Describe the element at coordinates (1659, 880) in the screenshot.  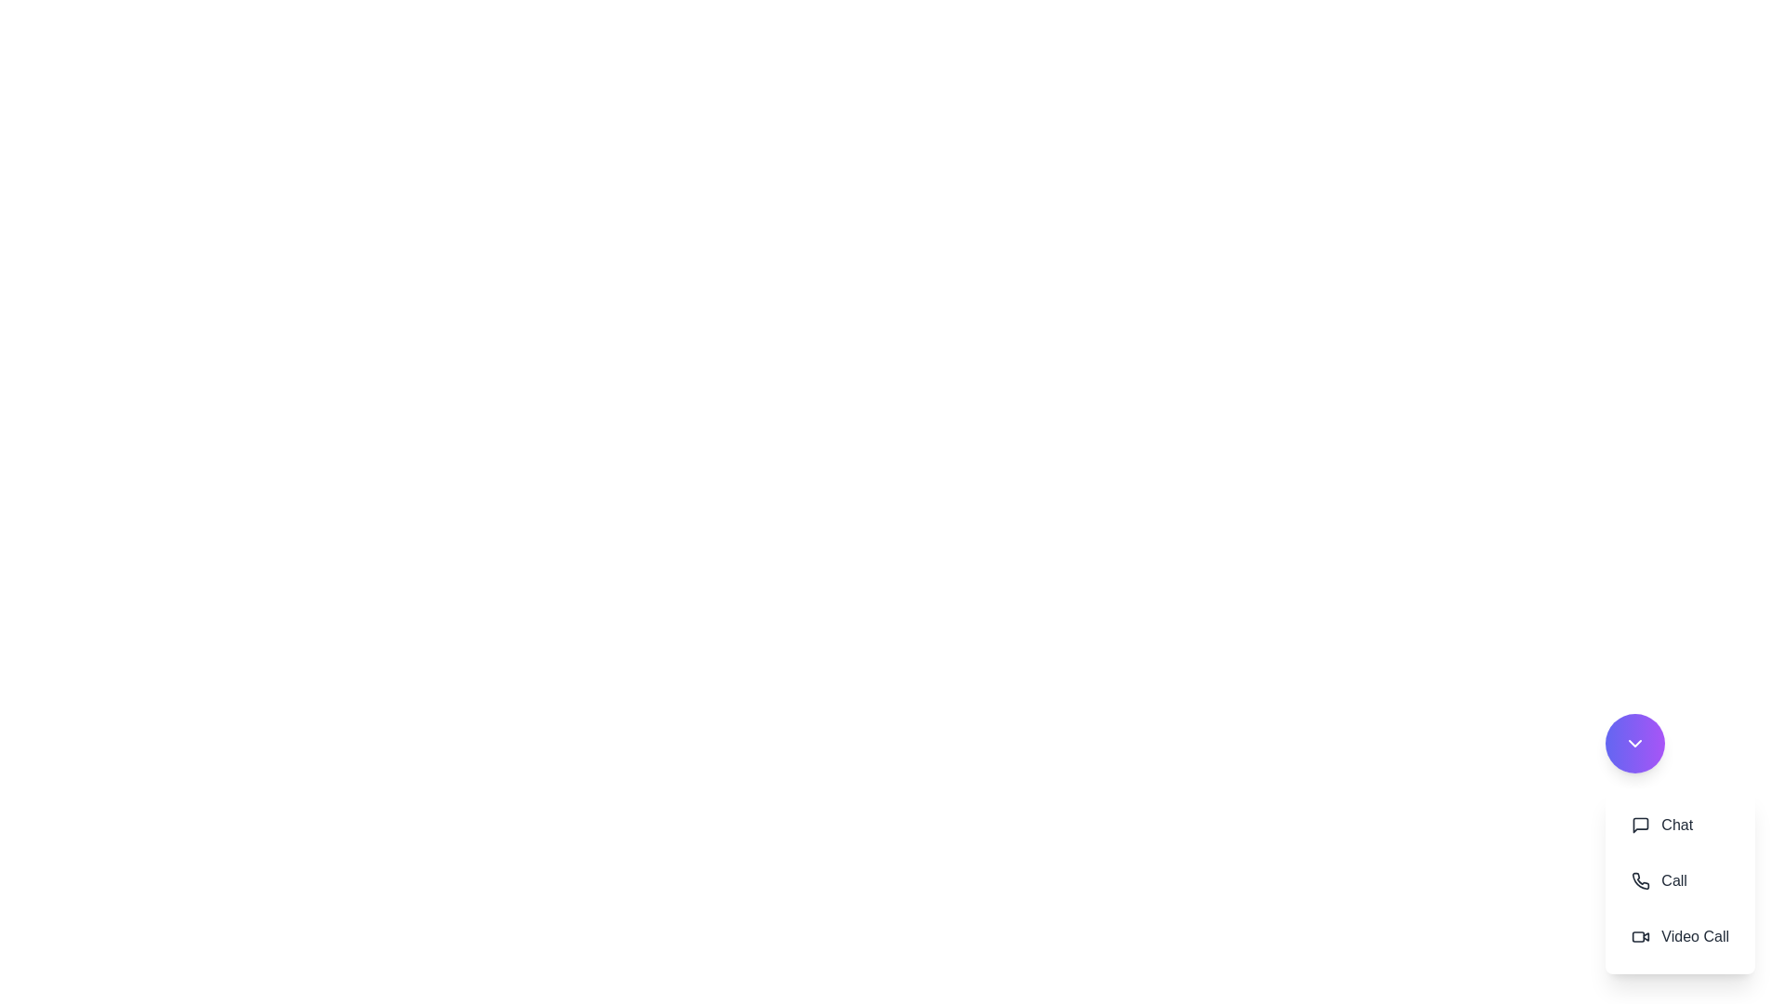
I see `the 'Call' button to initiate a call` at that location.